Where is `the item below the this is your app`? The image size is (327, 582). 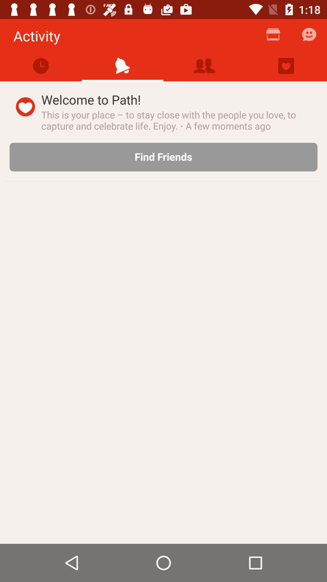 the item below the this is your app is located at coordinates (163, 157).